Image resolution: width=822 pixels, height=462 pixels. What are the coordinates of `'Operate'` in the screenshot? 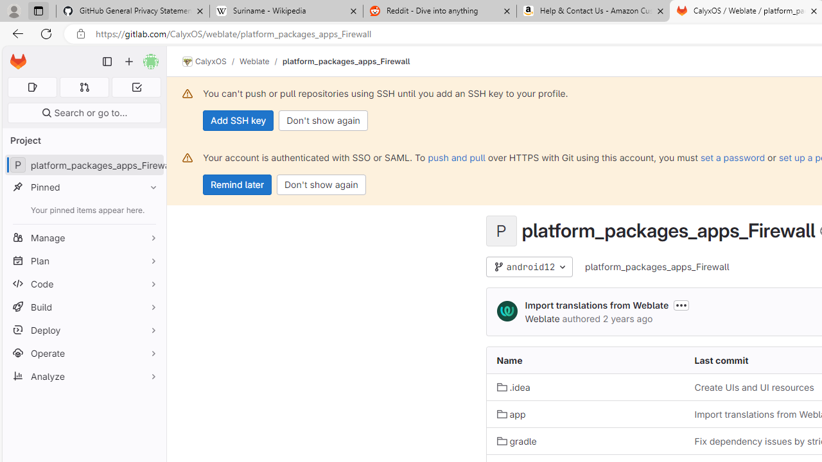 It's located at (83, 353).